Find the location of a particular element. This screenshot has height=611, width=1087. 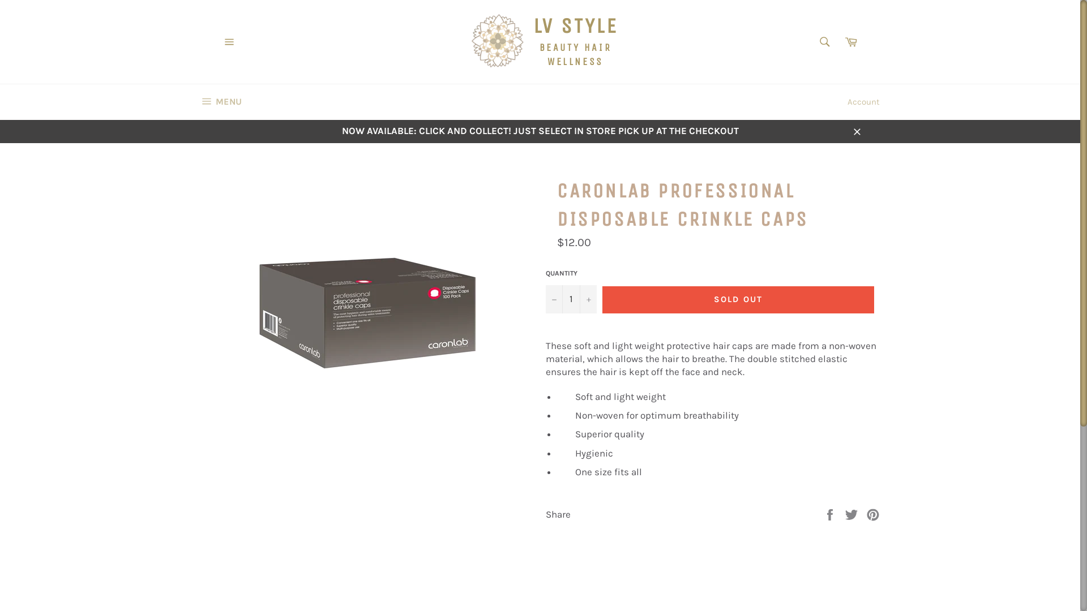

'Search' is located at coordinates (825, 41).